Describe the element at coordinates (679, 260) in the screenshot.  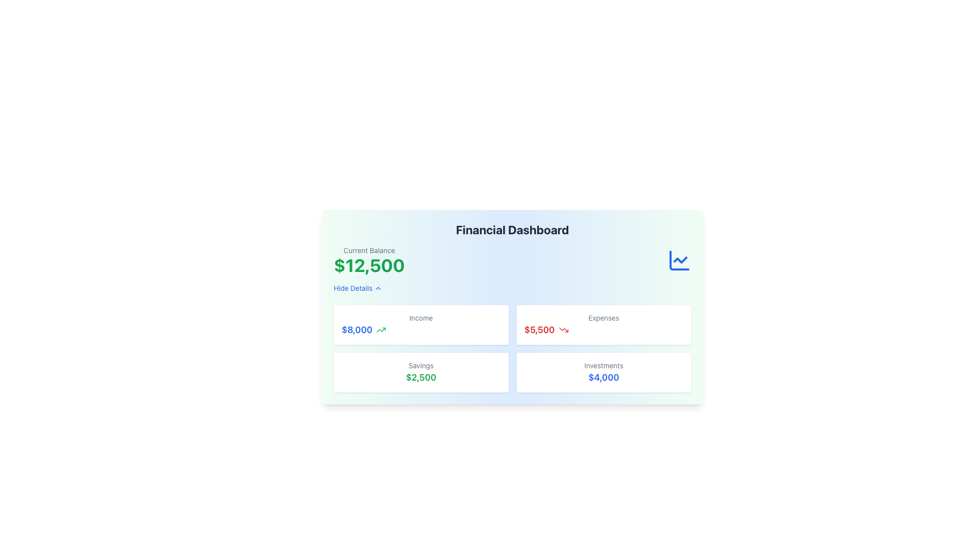
I see `the line chart icon, which is styled in blue and represents data analytics, located to the far right of the financial information section adjacent to 'Current Balance' and '$12,500'` at that location.